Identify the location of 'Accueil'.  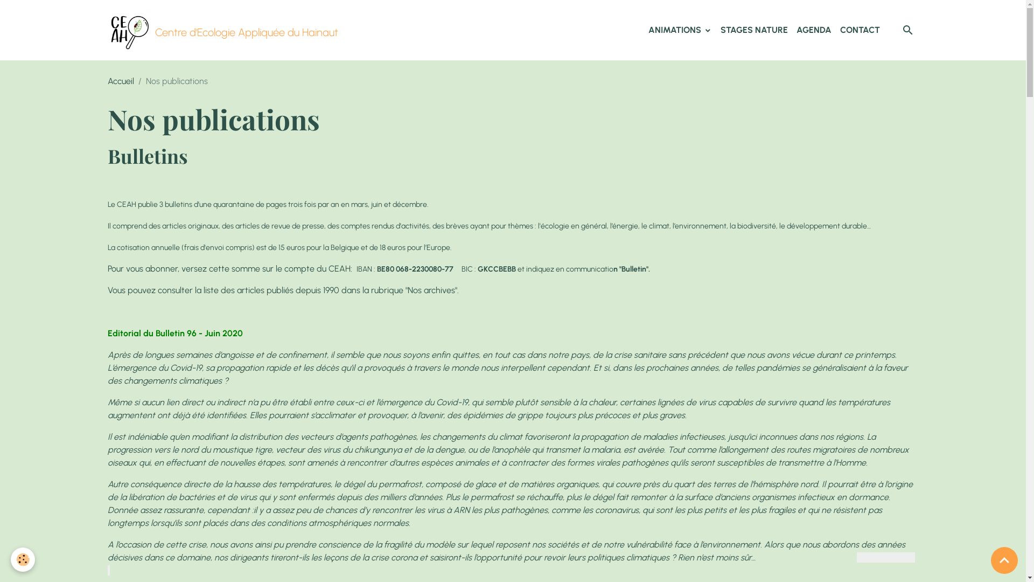
(121, 80).